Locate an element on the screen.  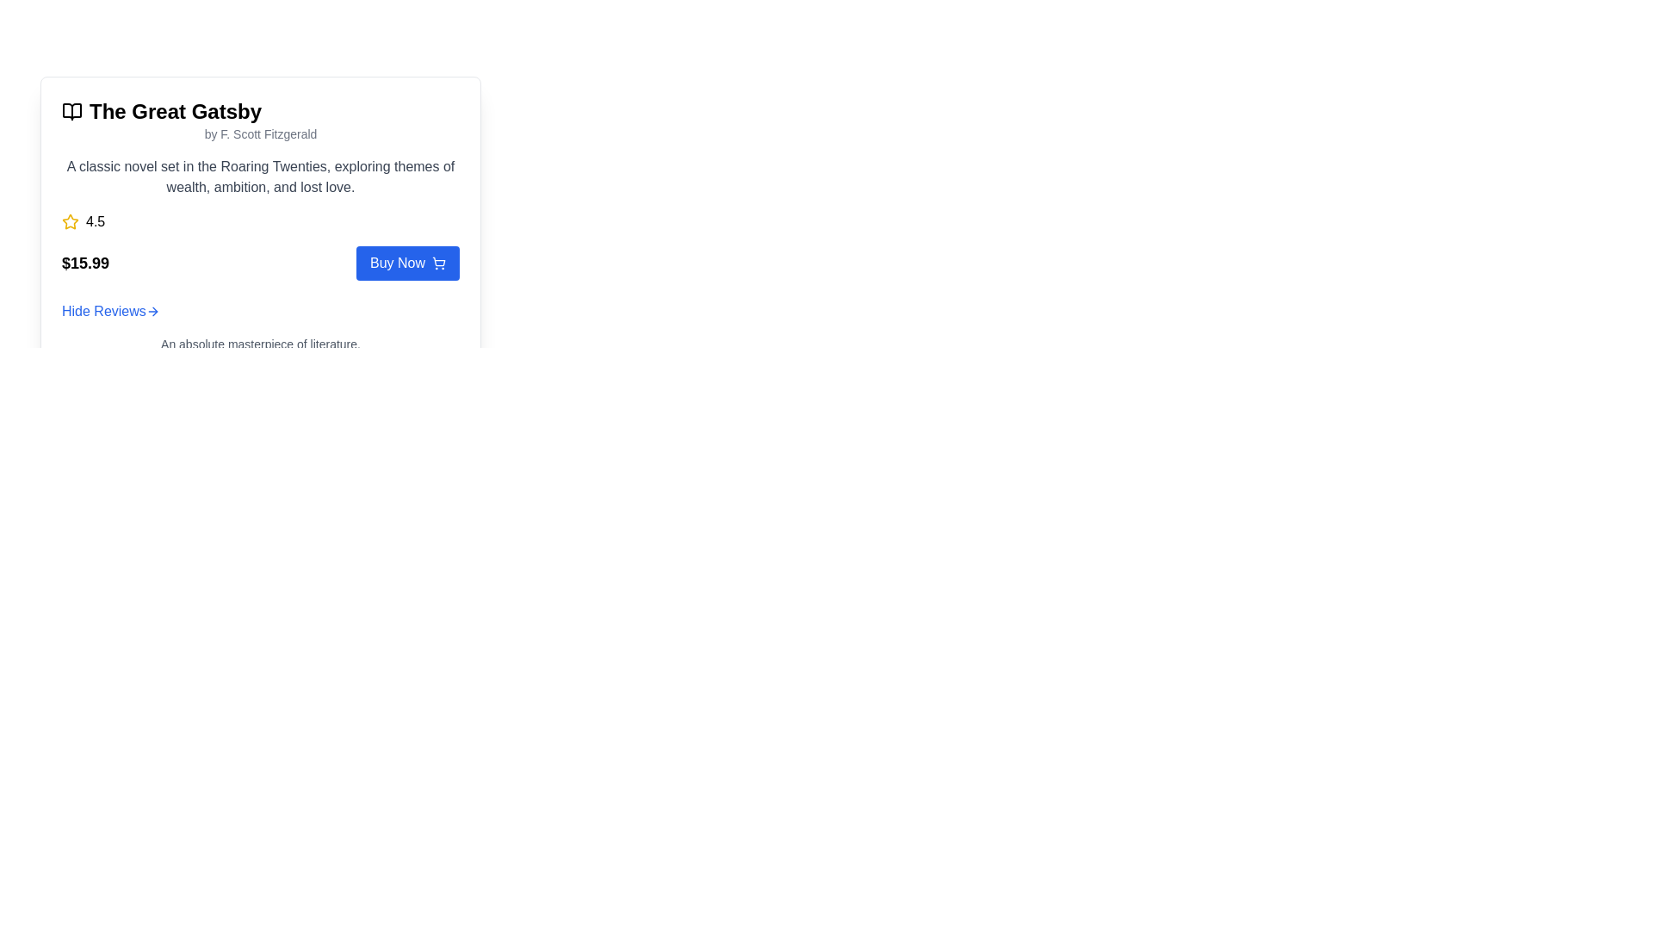
the purchase button located on the right side of the price information section, next to the '$15.99' text is located at coordinates (407, 263).